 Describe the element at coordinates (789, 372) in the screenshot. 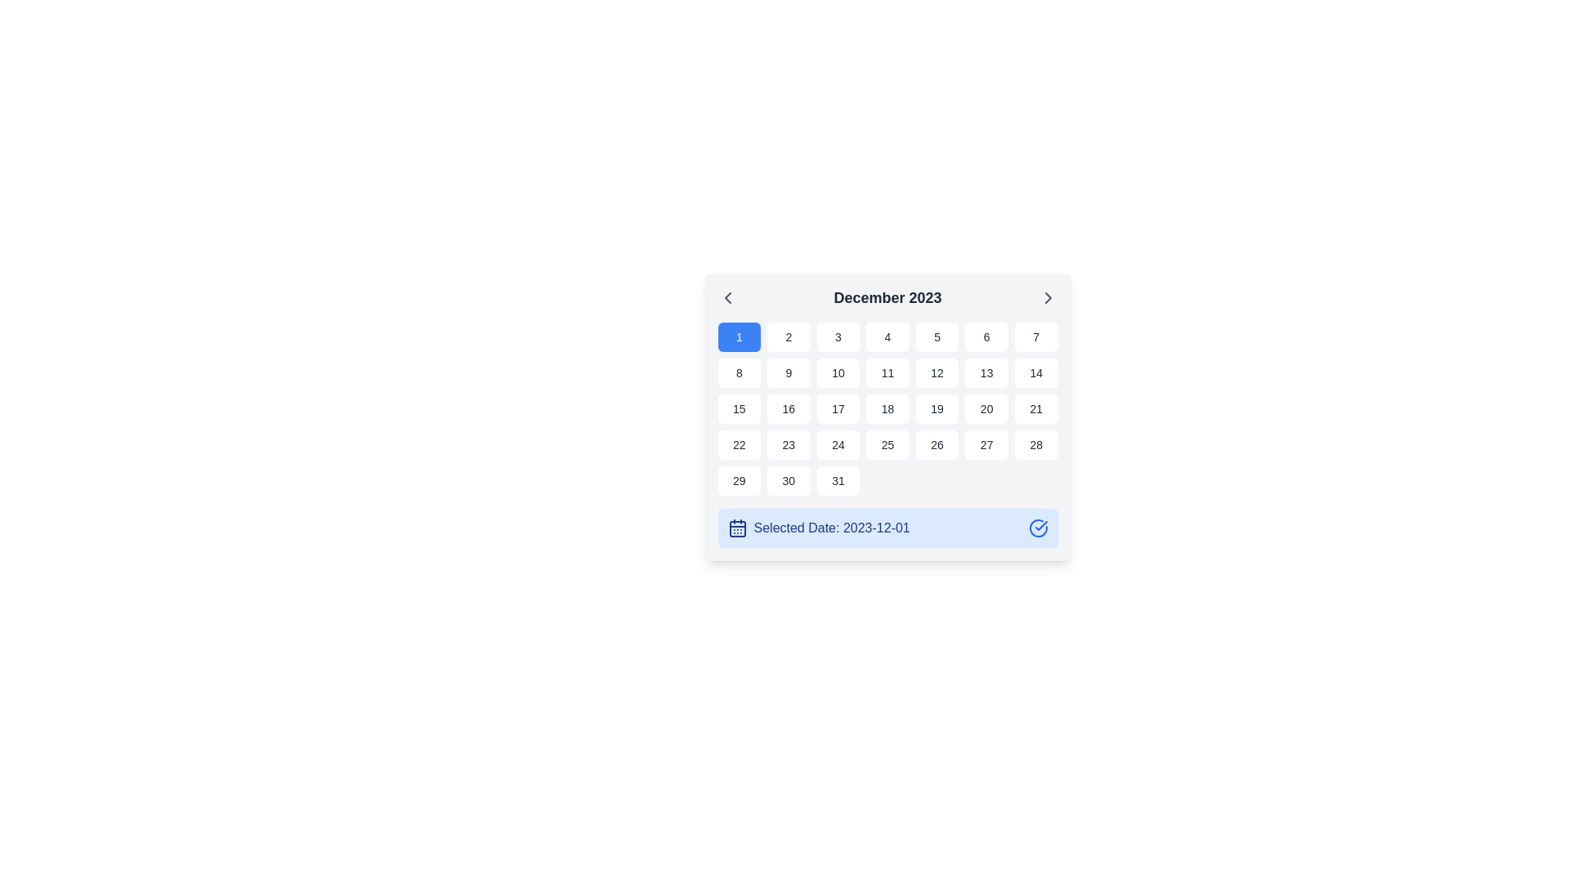

I see `the button representing the 9th day of December 2023 in the calendar` at that location.